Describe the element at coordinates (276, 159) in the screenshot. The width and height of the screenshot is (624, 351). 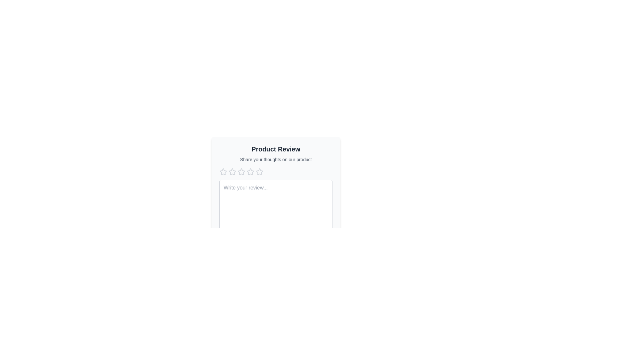
I see `the static text that prompts the user to share their opinion about the product, located beneath the title 'Product Review'` at that location.